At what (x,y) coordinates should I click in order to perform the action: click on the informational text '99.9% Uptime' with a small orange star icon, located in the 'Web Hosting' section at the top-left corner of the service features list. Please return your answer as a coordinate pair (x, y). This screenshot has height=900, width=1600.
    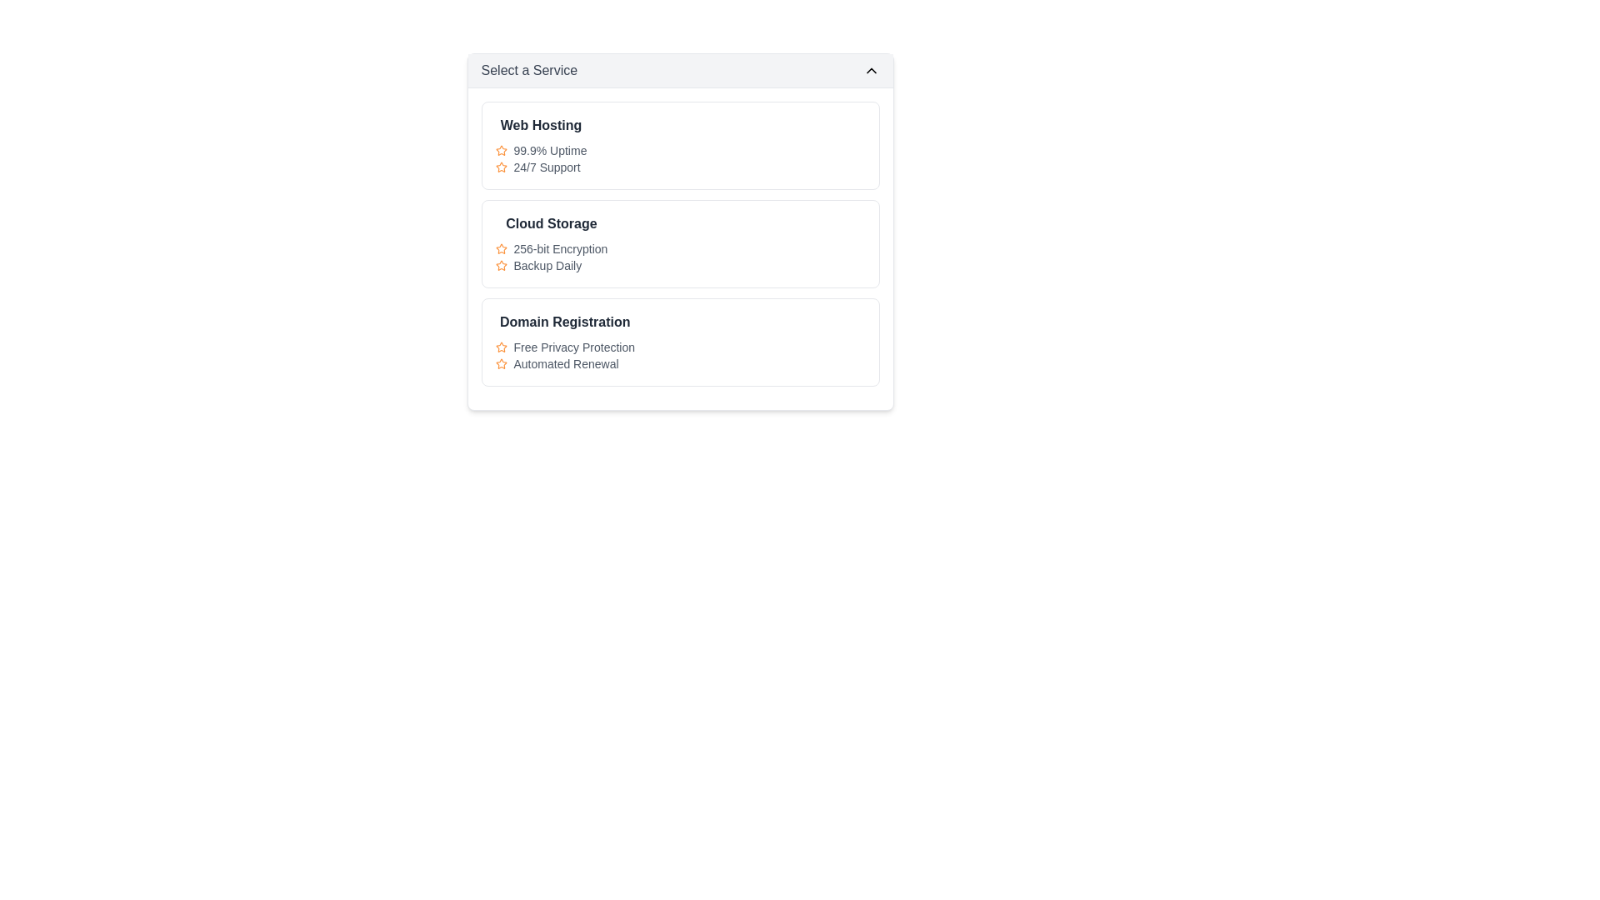
    Looking at the image, I should click on (541, 151).